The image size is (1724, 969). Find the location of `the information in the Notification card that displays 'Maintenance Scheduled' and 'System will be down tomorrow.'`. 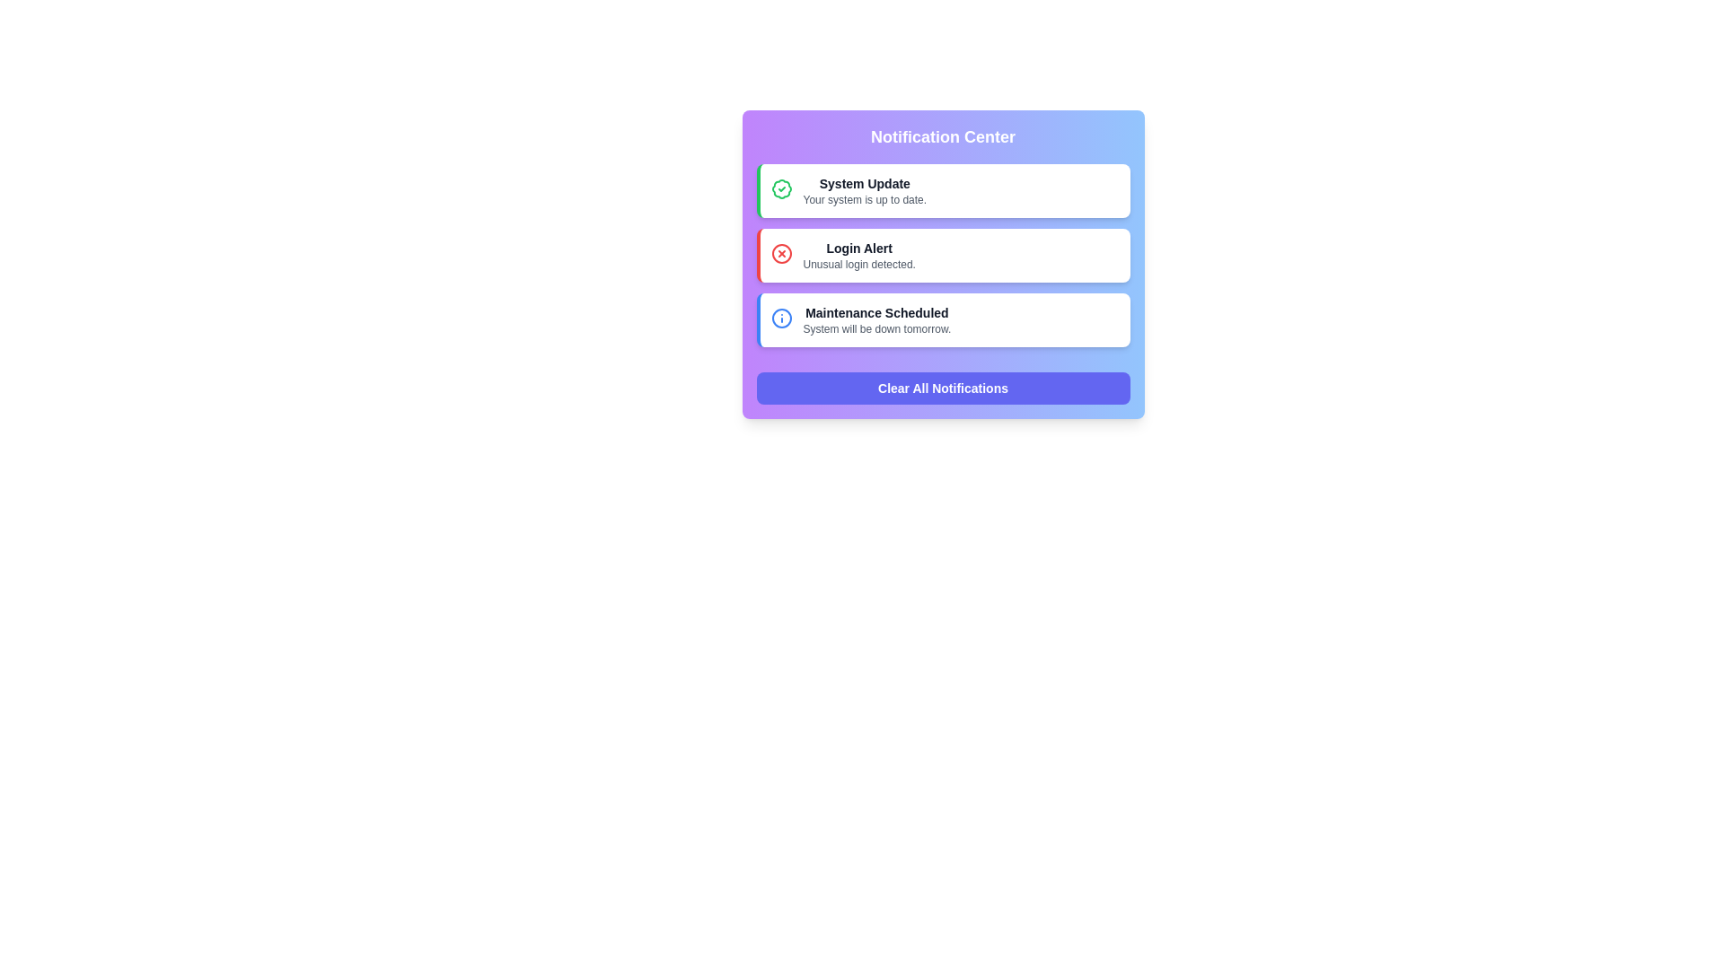

the information in the Notification card that displays 'Maintenance Scheduled' and 'System will be down tomorrow.' is located at coordinates (876, 319).